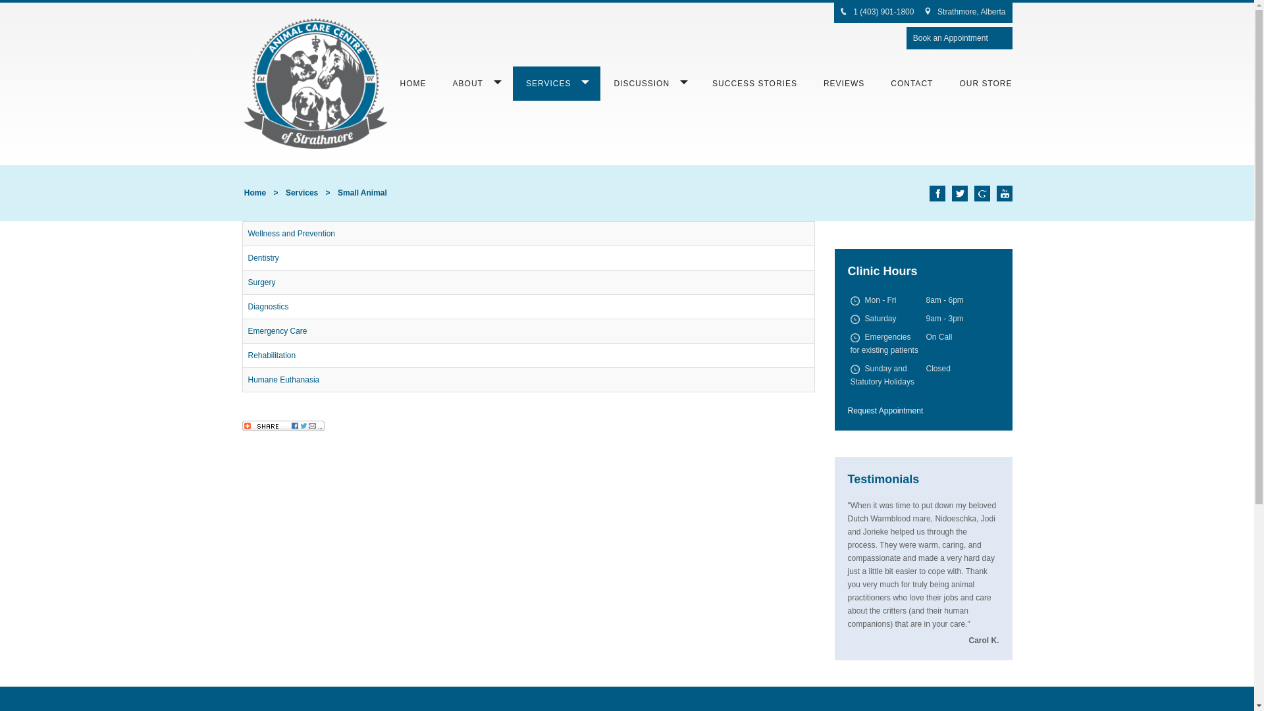 Image resolution: width=1264 pixels, height=711 pixels. Describe the element at coordinates (911, 84) in the screenshot. I see `'CONTACT'` at that location.